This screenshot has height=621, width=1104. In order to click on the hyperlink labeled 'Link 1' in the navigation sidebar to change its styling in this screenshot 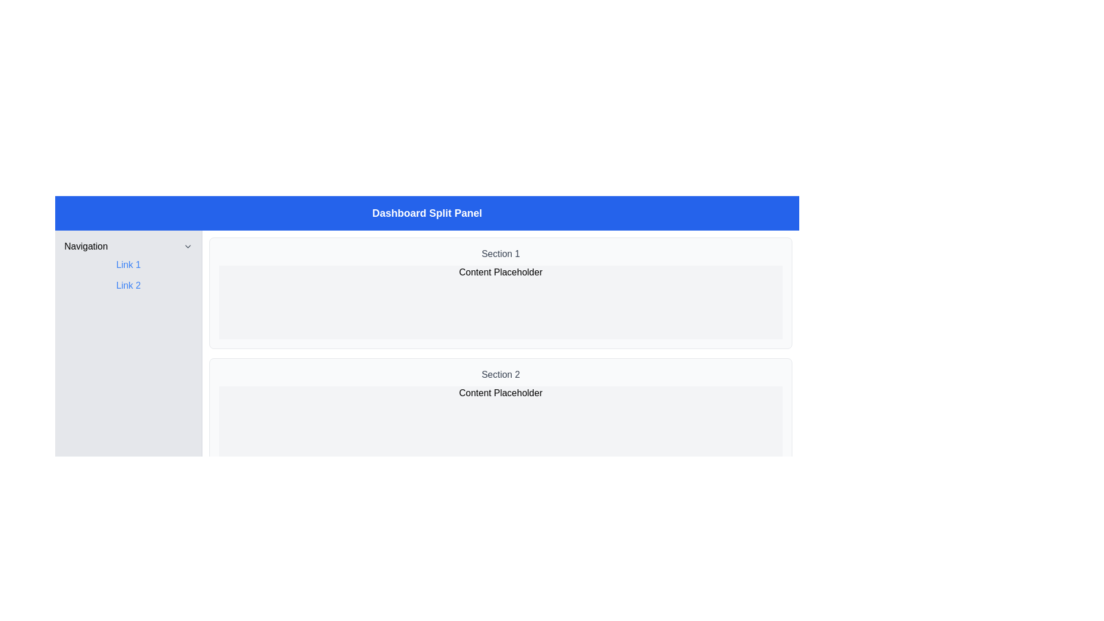, I will do `click(128, 265)`.